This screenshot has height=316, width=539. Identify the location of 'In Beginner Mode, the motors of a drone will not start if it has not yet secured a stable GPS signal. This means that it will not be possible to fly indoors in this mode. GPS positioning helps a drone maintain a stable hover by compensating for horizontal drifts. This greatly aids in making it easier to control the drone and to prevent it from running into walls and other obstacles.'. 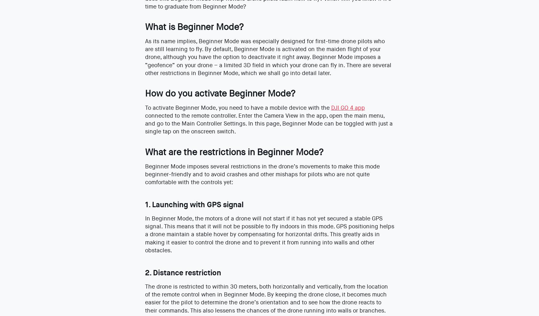
(144, 234).